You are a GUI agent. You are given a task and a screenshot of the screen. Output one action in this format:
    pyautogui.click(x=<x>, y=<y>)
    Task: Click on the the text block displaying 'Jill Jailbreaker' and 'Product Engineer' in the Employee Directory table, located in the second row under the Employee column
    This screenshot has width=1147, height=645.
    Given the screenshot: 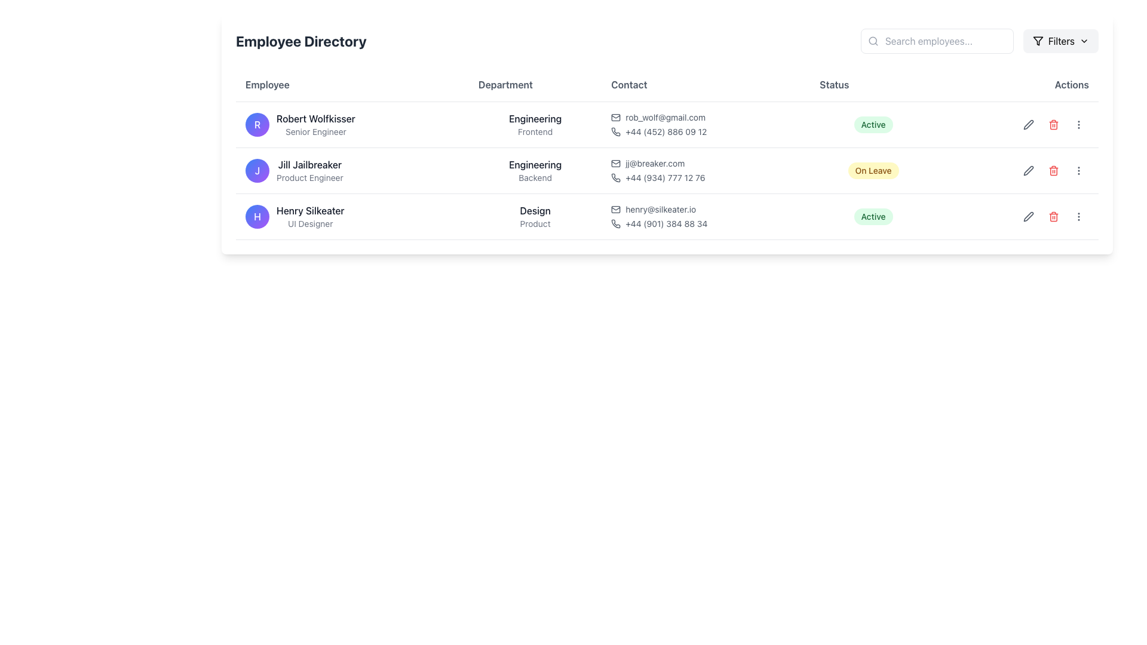 What is the action you would take?
    pyautogui.click(x=309, y=170)
    